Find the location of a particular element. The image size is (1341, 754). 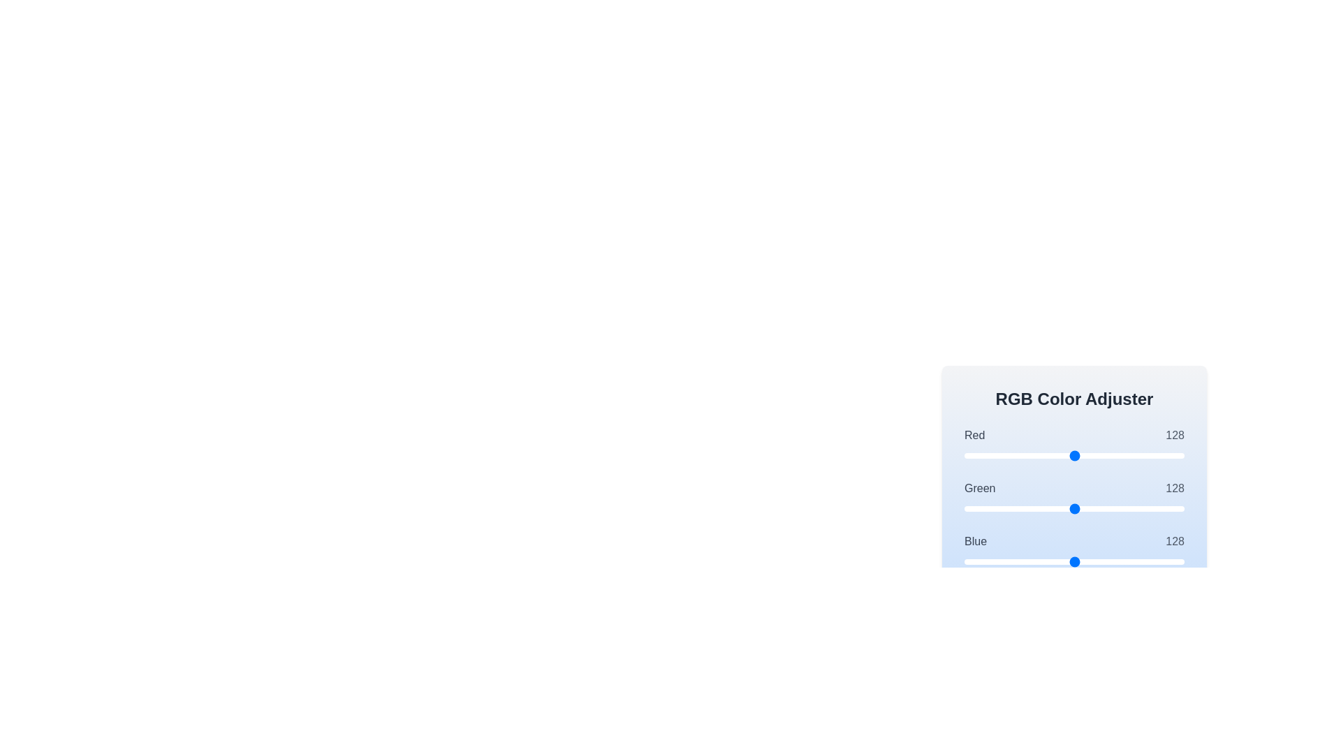

the 1 slider to set its value to 94 is located at coordinates (1046, 509).